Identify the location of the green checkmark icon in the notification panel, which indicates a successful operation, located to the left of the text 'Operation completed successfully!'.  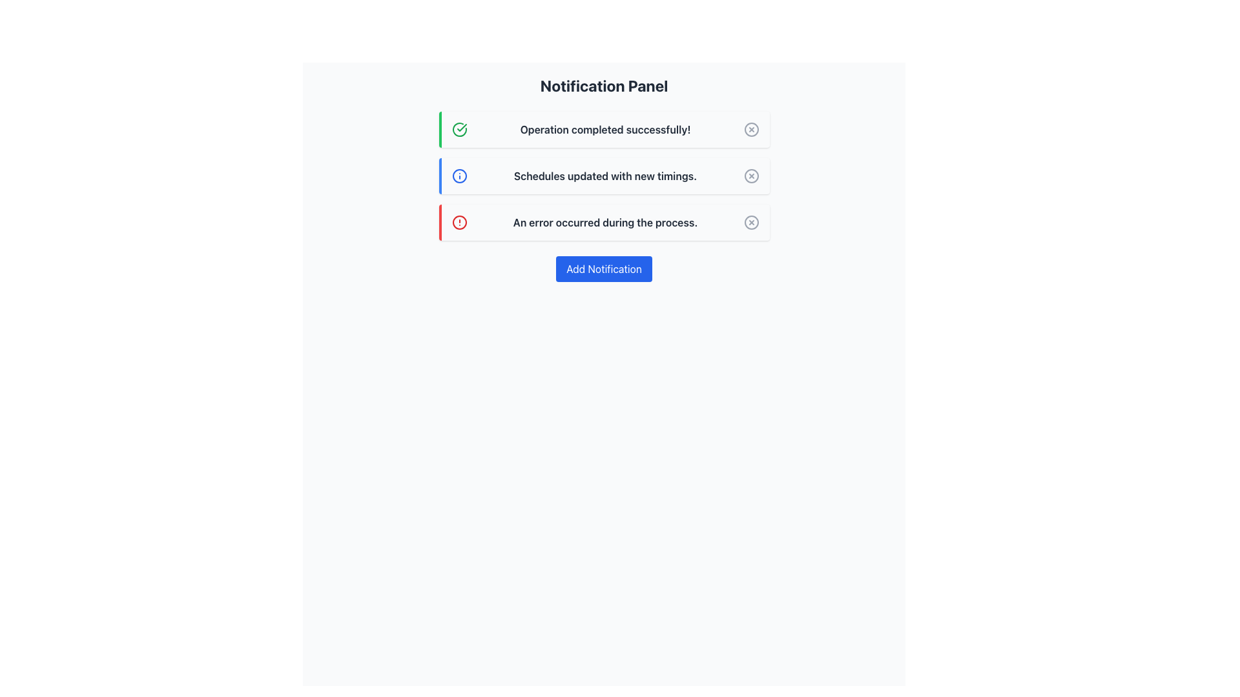
(462, 127).